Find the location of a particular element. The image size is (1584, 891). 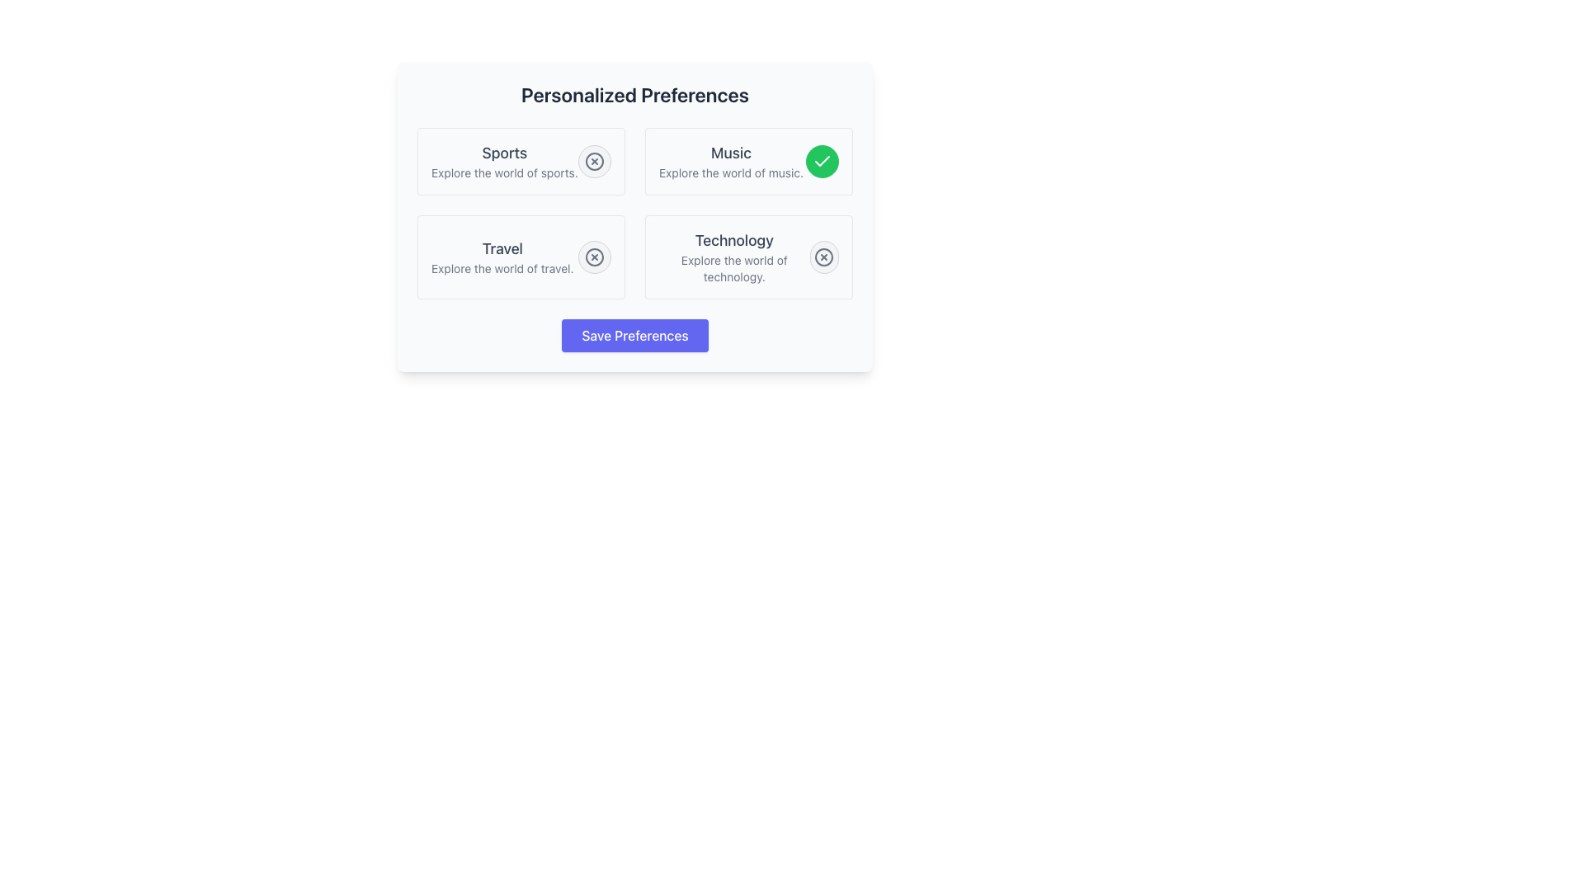

the green circular selection indicator with a white checkmark to deselect the 'Music' preference located in the top-right corner of the 'Music' preference card is located at coordinates (823, 162).